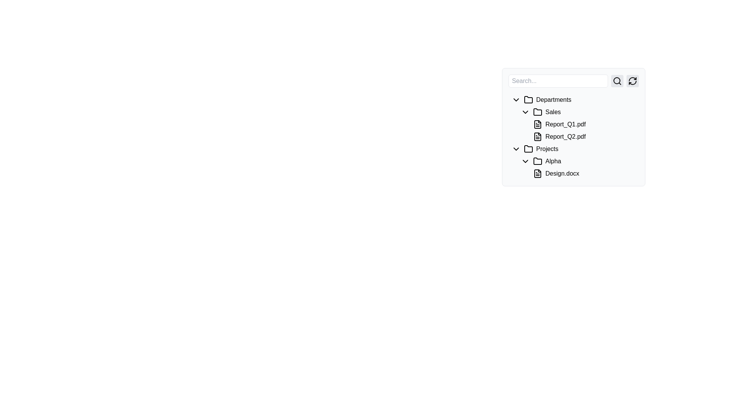 The image size is (738, 415). Describe the element at coordinates (539, 124) in the screenshot. I see `the document file icon located in the file explorer interface under the 'Sales' folder, positioned to the left of the label 'Report_Q1.pdf', to interact with the file` at that location.